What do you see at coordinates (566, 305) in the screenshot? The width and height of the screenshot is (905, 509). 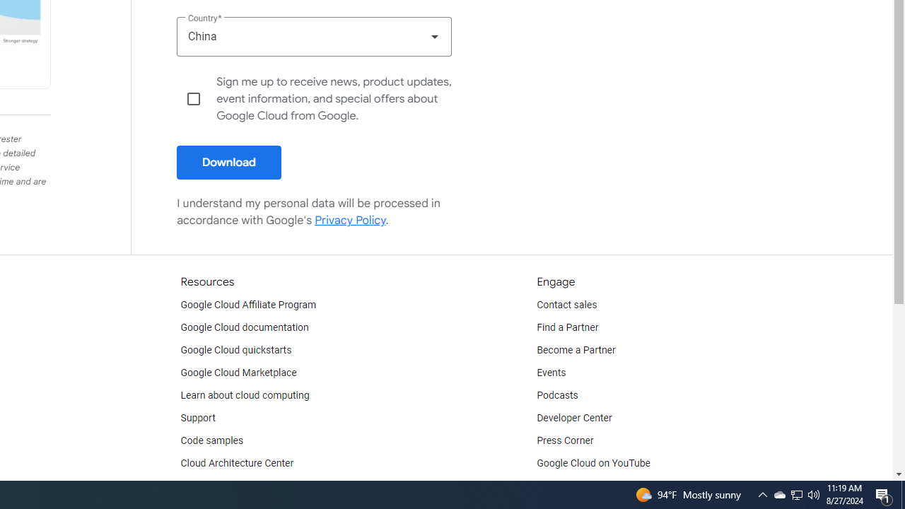 I see `'Contact sales'` at bounding box center [566, 305].